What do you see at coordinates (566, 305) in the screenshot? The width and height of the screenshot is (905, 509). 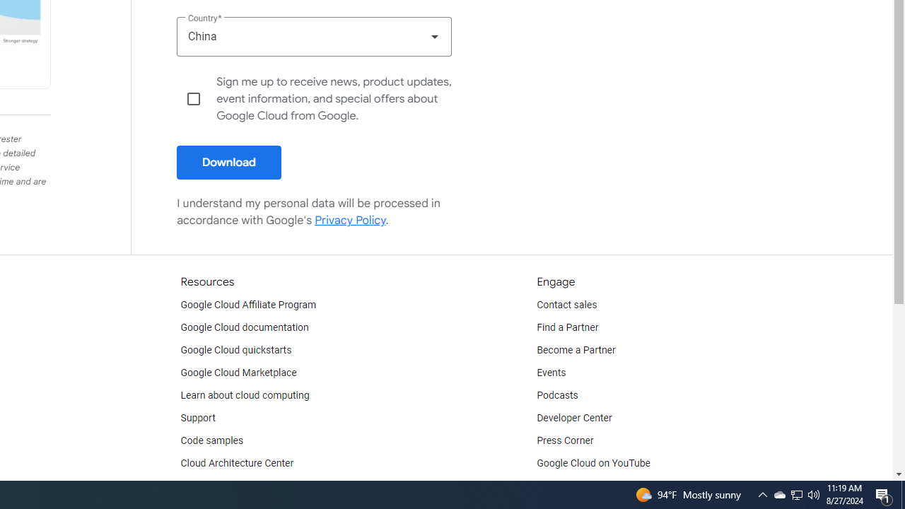 I see `'Contact sales'` at bounding box center [566, 305].